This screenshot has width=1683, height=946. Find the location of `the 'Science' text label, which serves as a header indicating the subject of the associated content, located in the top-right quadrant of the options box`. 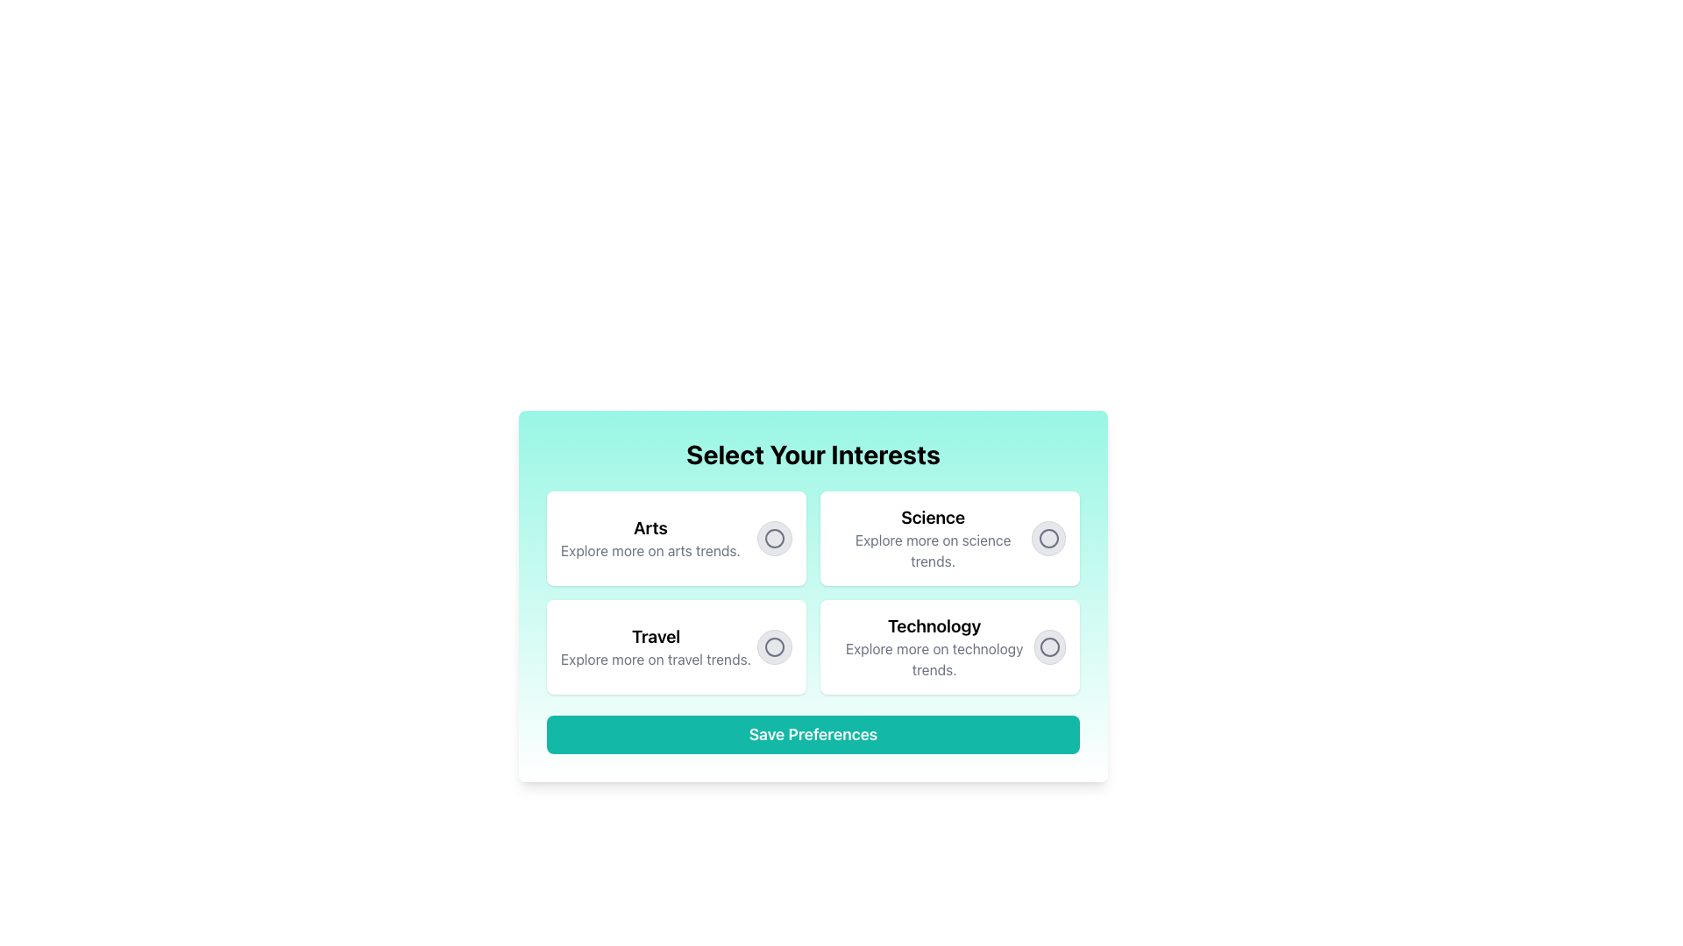

the 'Science' text label, which serves as a header indicating the subject of the associated content, located in the top-right quadrant of the options box is located at coordinates (932, 516).